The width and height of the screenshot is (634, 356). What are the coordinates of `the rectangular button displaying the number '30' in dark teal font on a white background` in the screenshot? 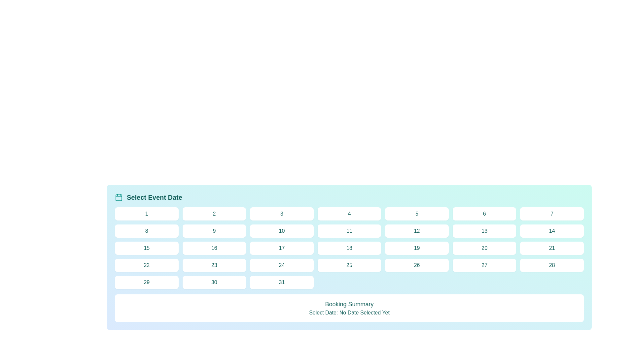 It's located at (214, 282).